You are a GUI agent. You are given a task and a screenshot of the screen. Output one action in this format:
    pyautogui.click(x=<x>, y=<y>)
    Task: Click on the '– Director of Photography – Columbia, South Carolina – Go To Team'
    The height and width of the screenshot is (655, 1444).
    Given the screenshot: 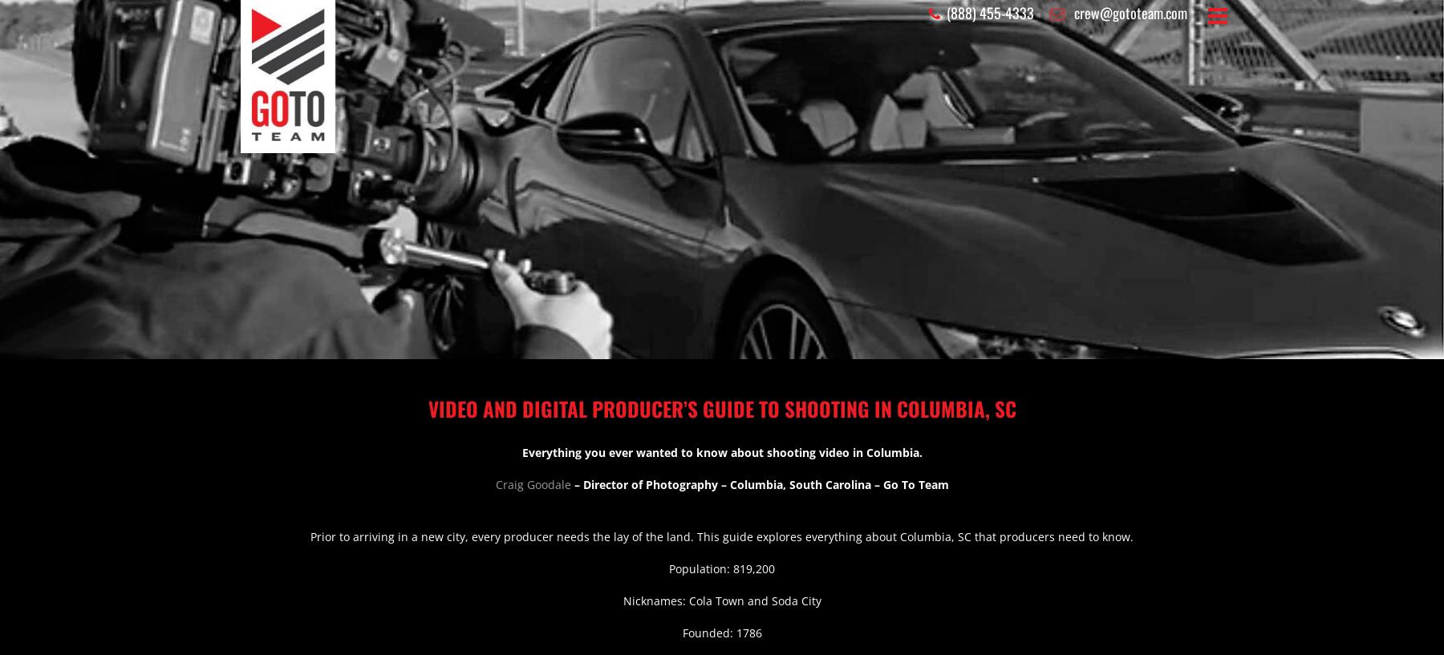 What is the action you would take?
    pyautogui.click(x=758, y=484)
    